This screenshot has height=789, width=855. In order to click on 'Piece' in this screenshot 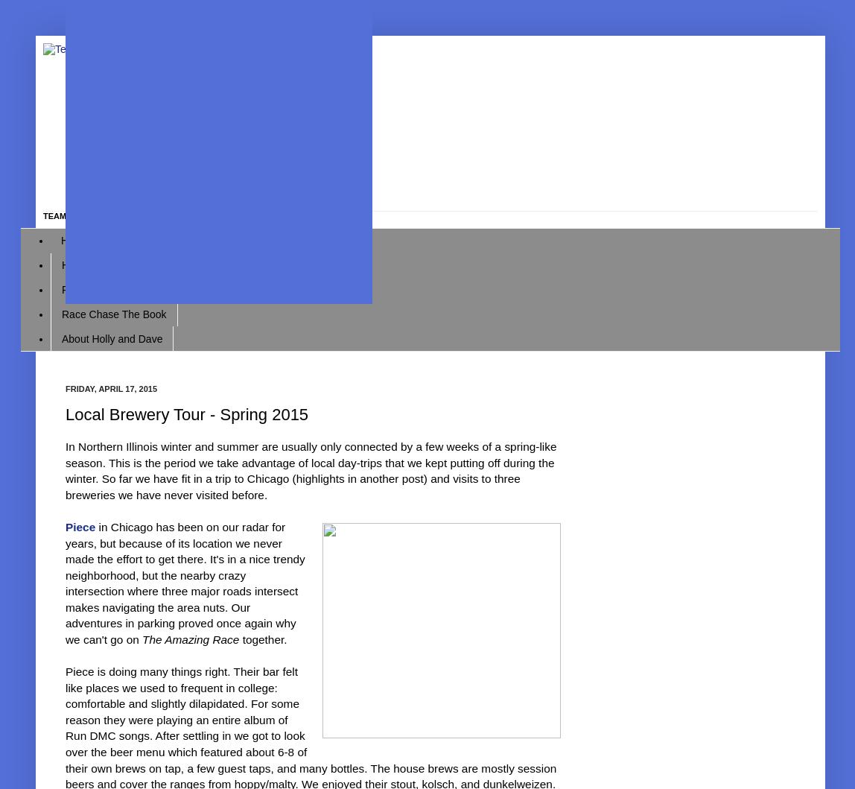, I will do `click(80, 527)`.